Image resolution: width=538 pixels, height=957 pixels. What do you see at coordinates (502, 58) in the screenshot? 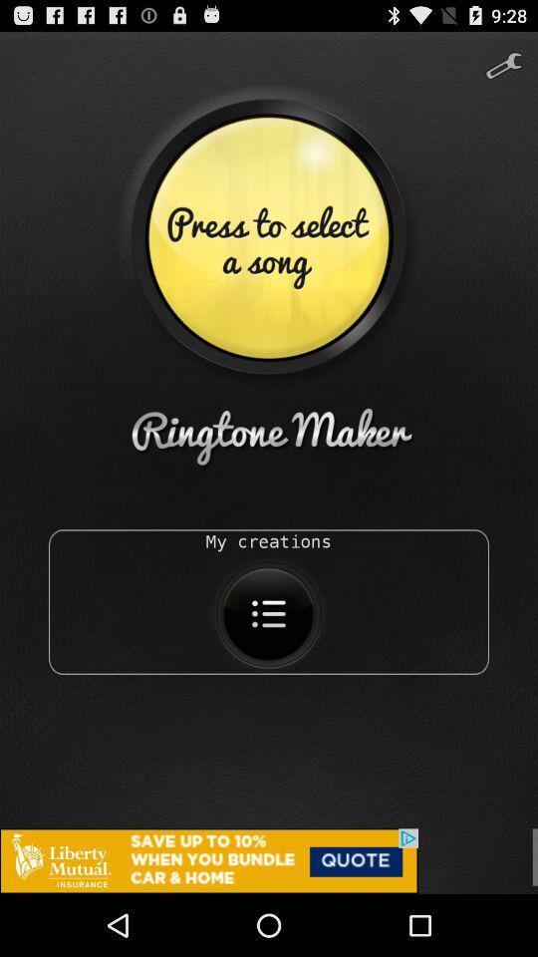
I see `search` at bounding box center [502, 58].